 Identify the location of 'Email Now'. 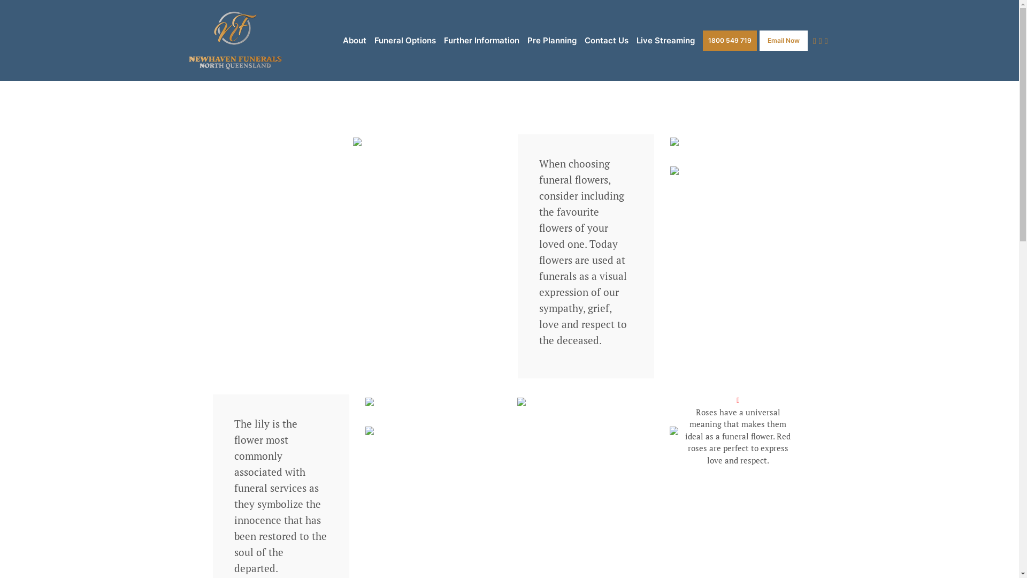
(759, 39).